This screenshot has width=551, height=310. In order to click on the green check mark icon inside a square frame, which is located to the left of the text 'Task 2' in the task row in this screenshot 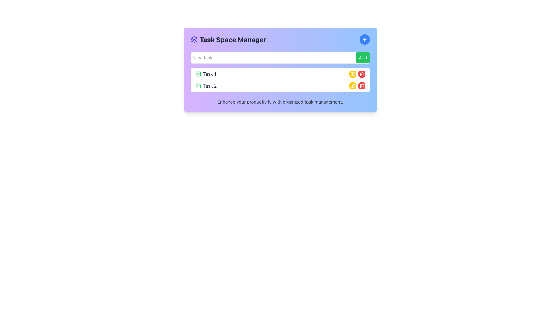, I will do `click(198, 86)`.